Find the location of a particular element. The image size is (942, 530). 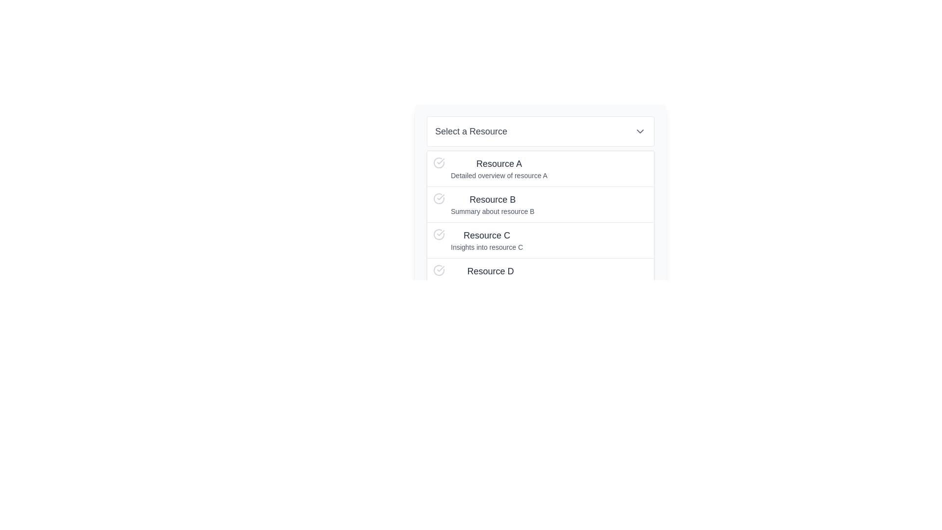

the Dropdown Button displaying 'Select a Resource.' is located at coordinates (540, 131).